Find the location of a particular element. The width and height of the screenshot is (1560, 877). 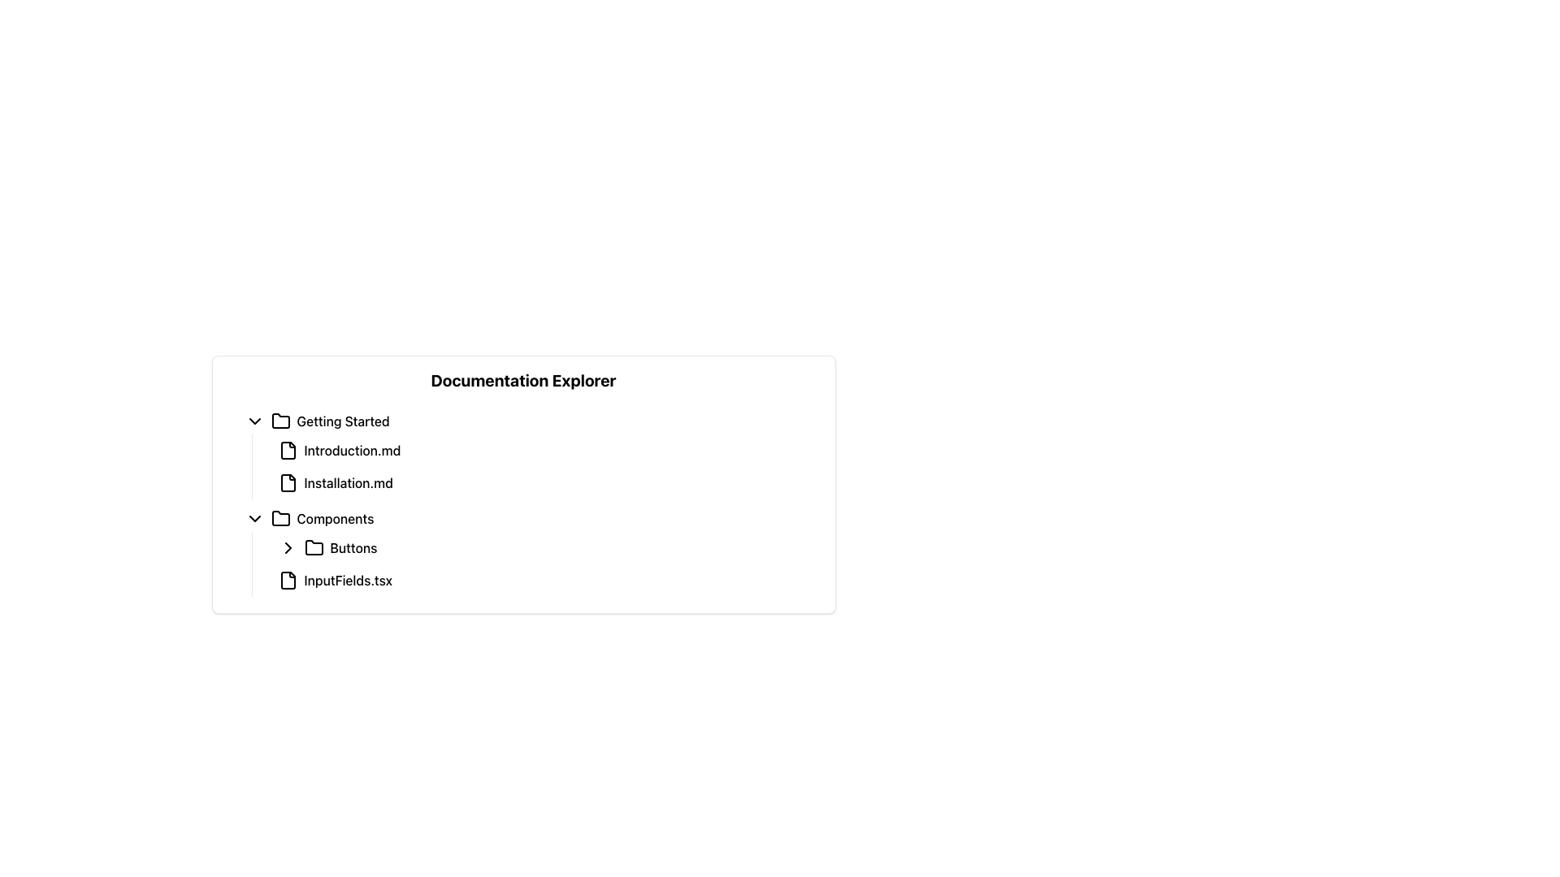

the 'Getting Started' folder item in the navigation tree is located at coordinates (329, 421).